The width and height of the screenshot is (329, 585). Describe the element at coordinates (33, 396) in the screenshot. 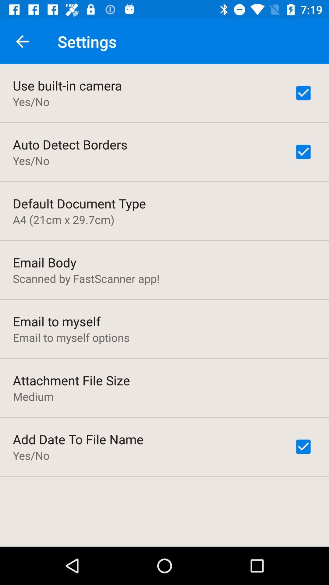

I see `item below attachment file size item` at that location.